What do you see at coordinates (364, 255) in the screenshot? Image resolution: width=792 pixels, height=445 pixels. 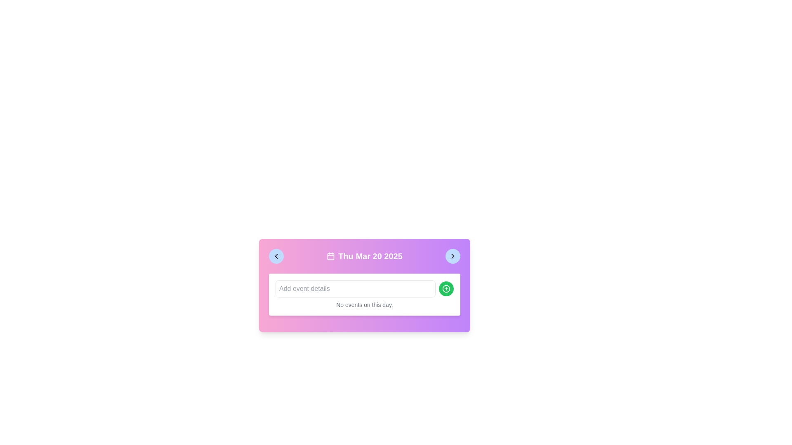 I see `the text label displaying the date 'Thu Mar 20 2025', which is styled with bold white text and positioned at the top of the calendar interface, flanked by navigation chevrons` at bounding box center [364, 255].